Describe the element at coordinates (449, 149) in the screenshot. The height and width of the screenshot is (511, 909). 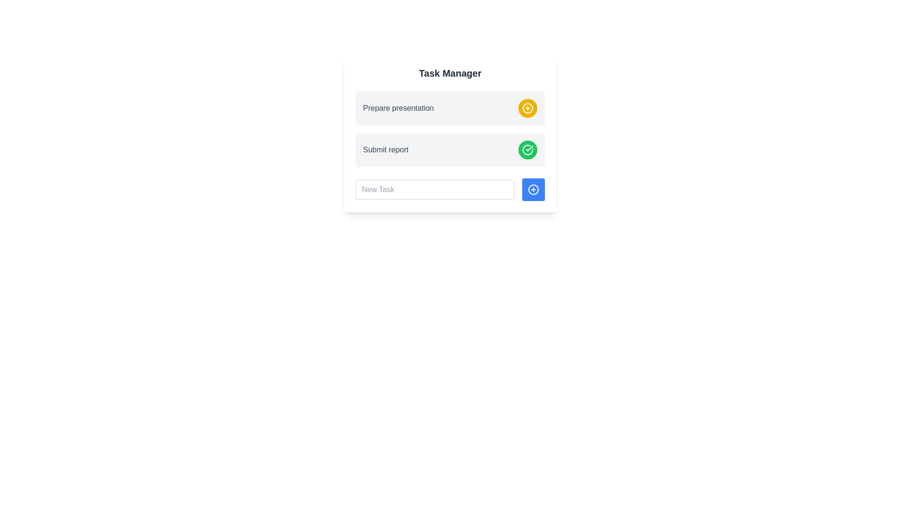
I see `the task item labeled 'Submit report'` at that location.